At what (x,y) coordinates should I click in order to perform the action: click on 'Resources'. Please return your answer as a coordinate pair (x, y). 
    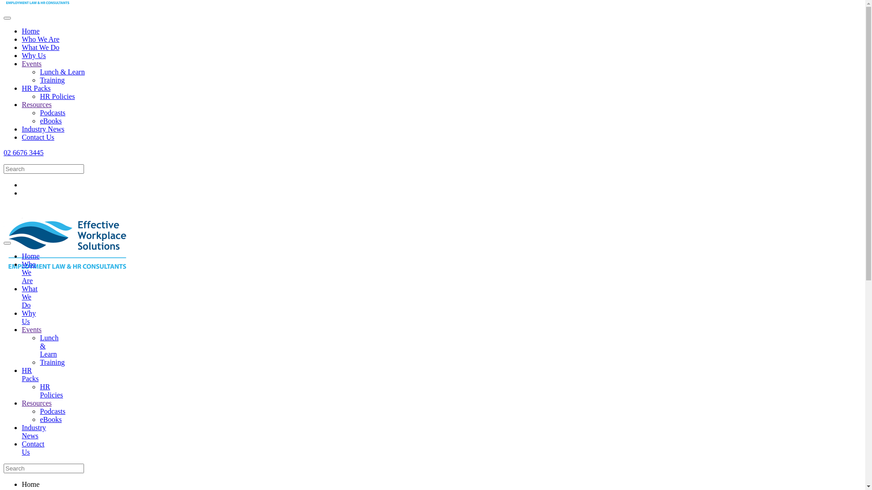
    Looking at the image, I should click on (36, 402).